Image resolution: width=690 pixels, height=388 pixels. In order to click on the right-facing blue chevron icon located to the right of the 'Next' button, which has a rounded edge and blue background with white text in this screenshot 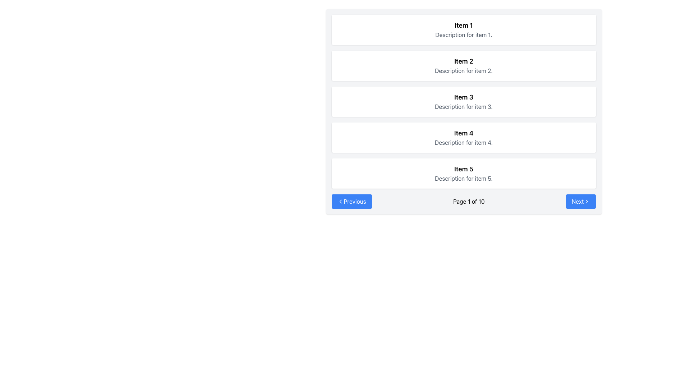, I will do `click(587, 201)`.